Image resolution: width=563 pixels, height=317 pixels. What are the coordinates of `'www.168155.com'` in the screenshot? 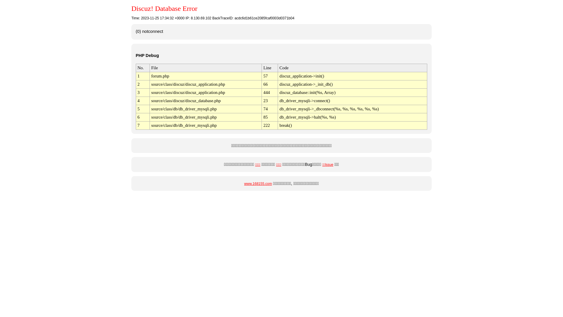 It's located at (258, 183).